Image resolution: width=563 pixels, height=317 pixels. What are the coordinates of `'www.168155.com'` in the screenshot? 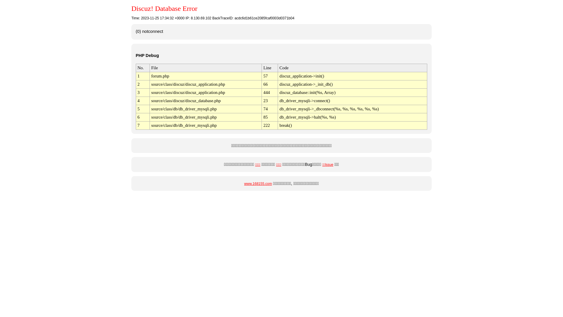 It's located at (258, 183).